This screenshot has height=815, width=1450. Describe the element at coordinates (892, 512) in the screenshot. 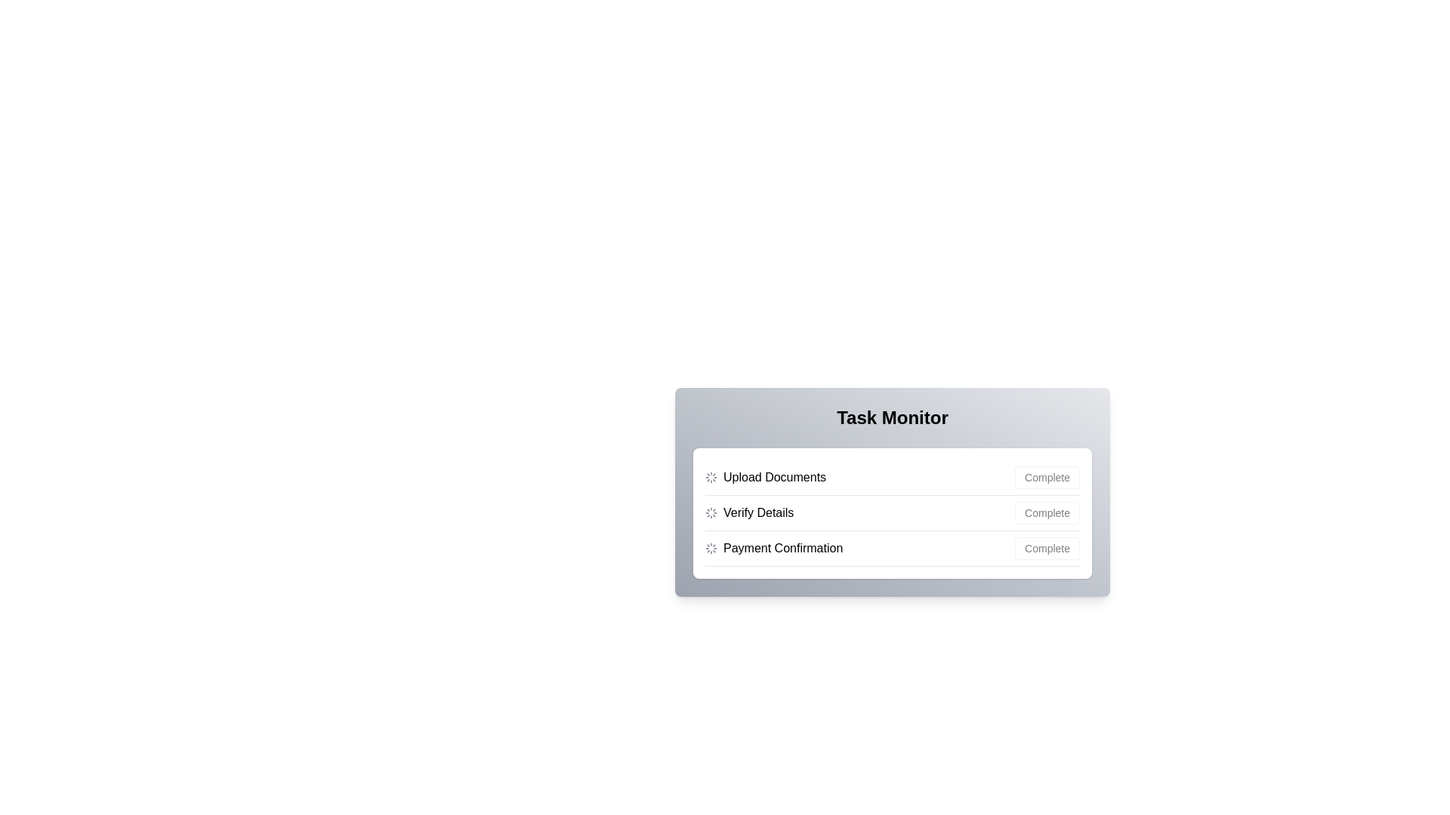

I see `the 'Verify Details' task row element, which is currently in progress and contains a disabled 'Complete' button, for task status verification` at that location.